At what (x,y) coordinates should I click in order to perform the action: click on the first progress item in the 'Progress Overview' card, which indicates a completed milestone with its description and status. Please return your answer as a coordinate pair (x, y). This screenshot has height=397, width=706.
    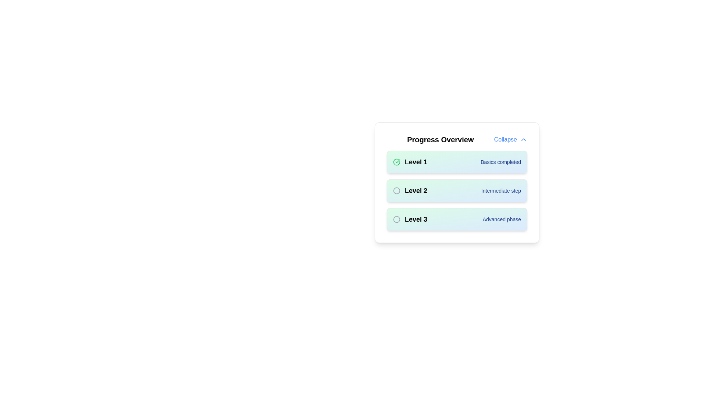
    Looking at the image, I should click on (457, 161).